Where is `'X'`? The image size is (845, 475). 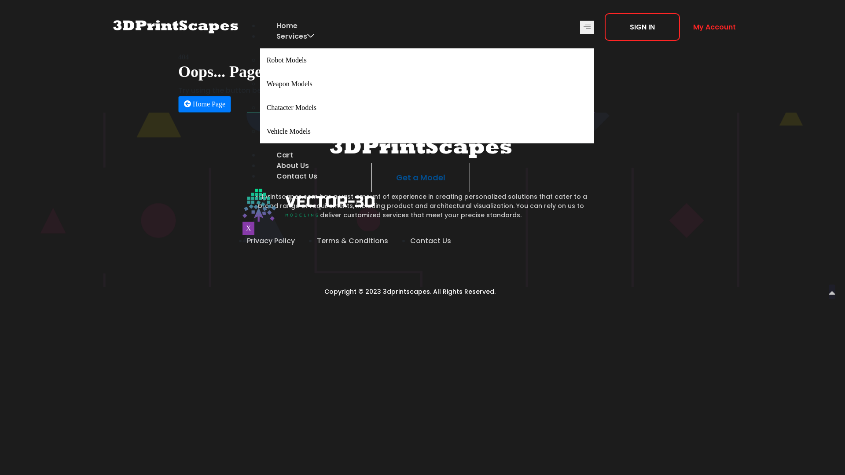 'X' is located at coordinates (248, 228).